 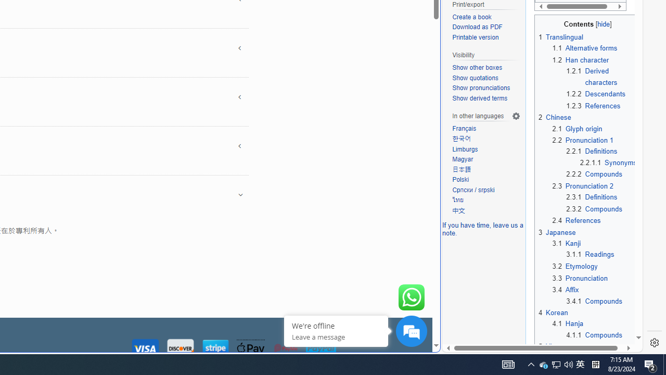 What do you see at coordinates (566, 244) in the screenshot?
I see `'3.1 Kanji'` at bounding box center [566, 244].